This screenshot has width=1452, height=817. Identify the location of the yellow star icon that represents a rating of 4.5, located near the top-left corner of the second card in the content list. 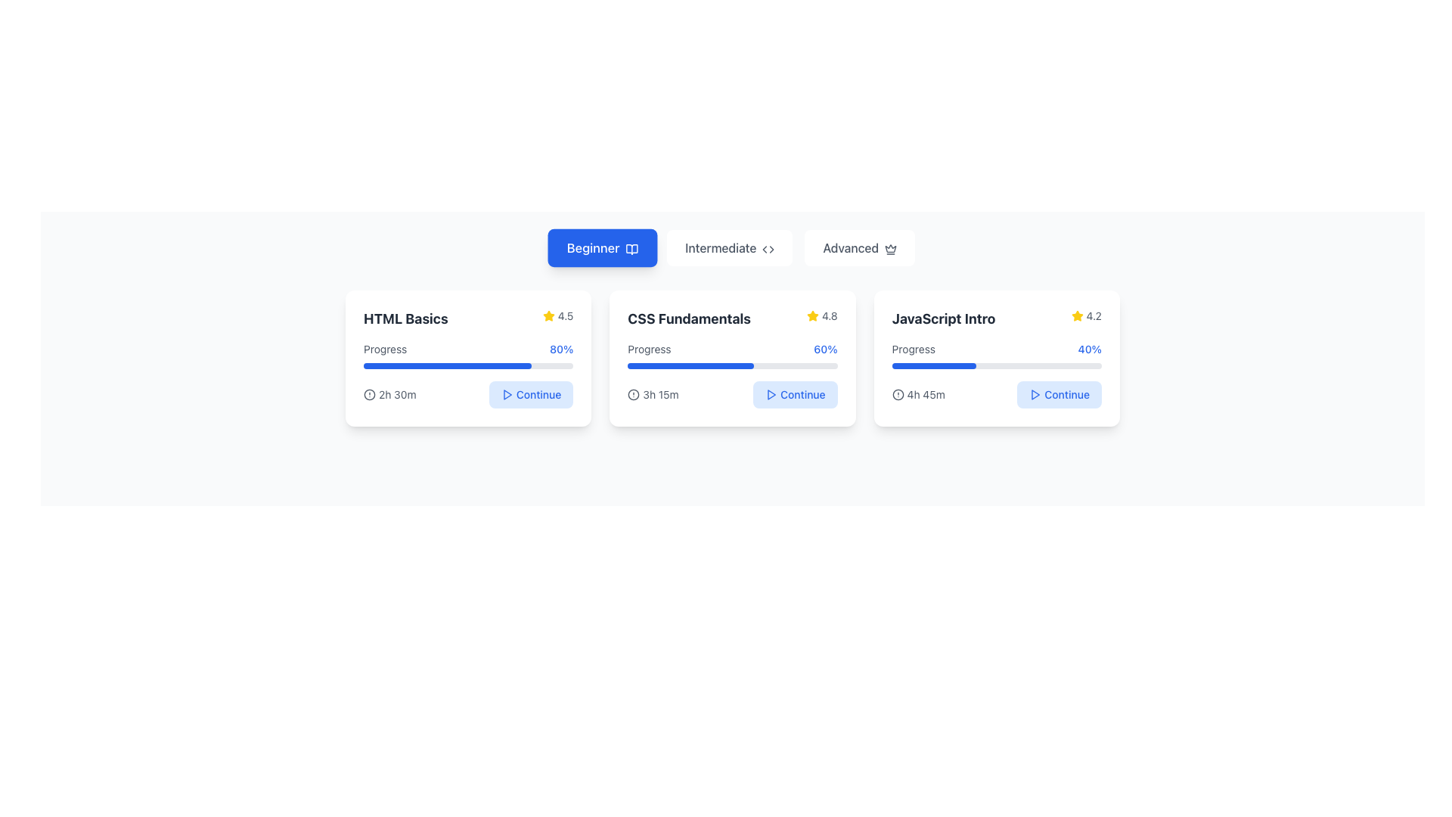
(548, 315).